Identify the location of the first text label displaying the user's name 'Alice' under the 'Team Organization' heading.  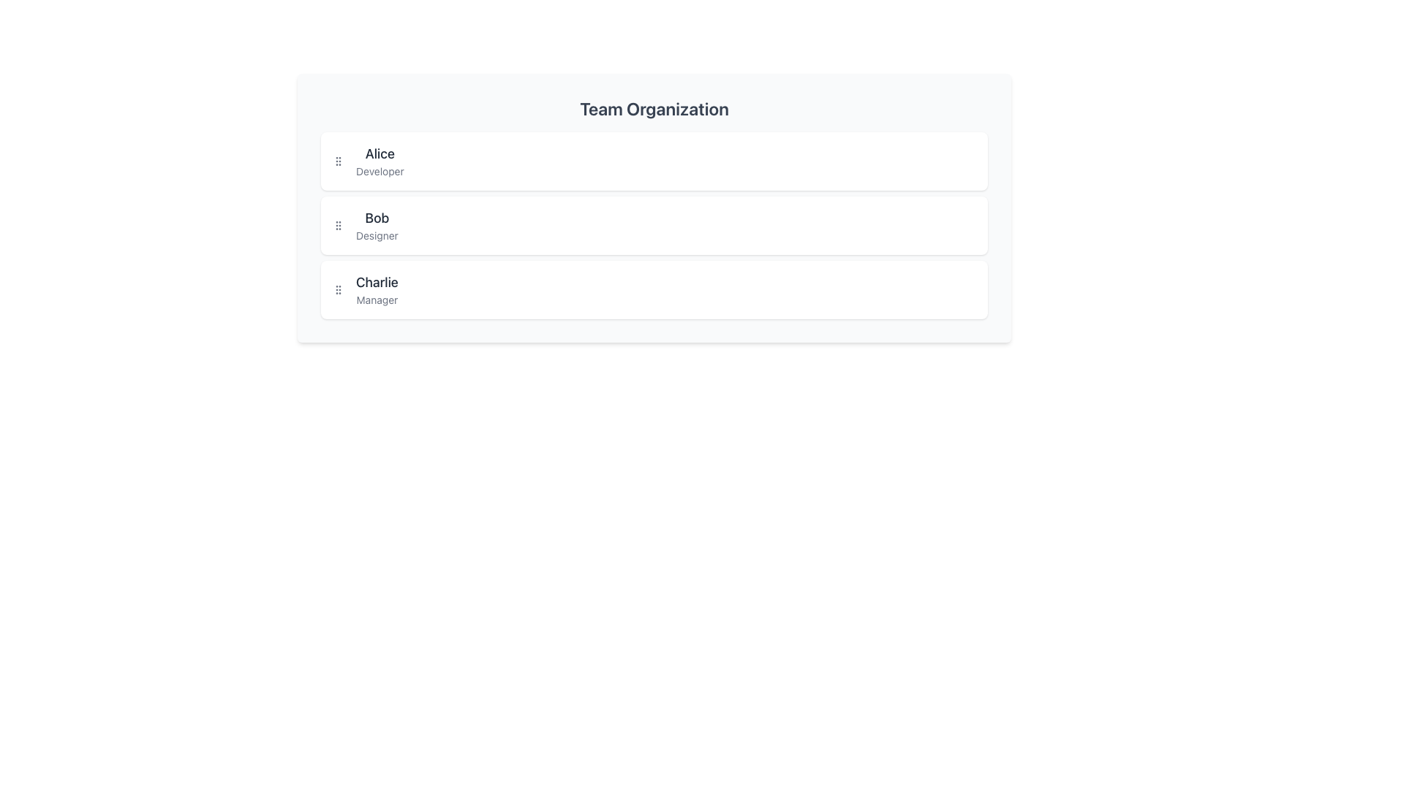
(380, 154).